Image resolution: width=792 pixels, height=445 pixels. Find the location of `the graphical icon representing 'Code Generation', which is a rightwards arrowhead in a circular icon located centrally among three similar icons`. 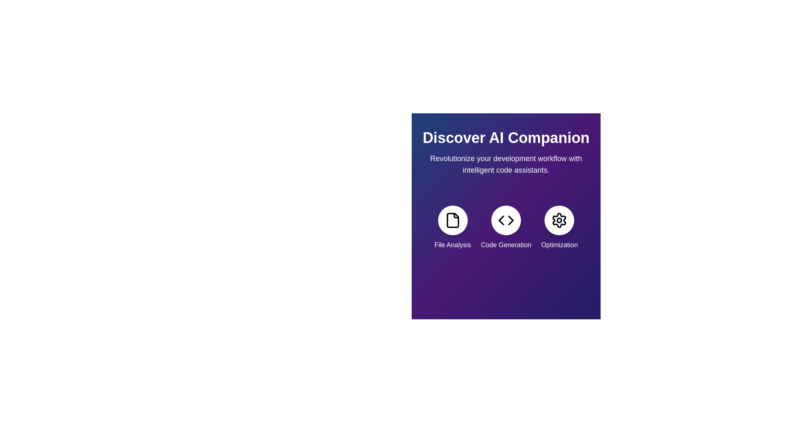

the graphical icon representing 'Code Generation', which is a rightwards arrowhead in a circular icon located centrally among three similar icons is located at coordinates (510, 220).